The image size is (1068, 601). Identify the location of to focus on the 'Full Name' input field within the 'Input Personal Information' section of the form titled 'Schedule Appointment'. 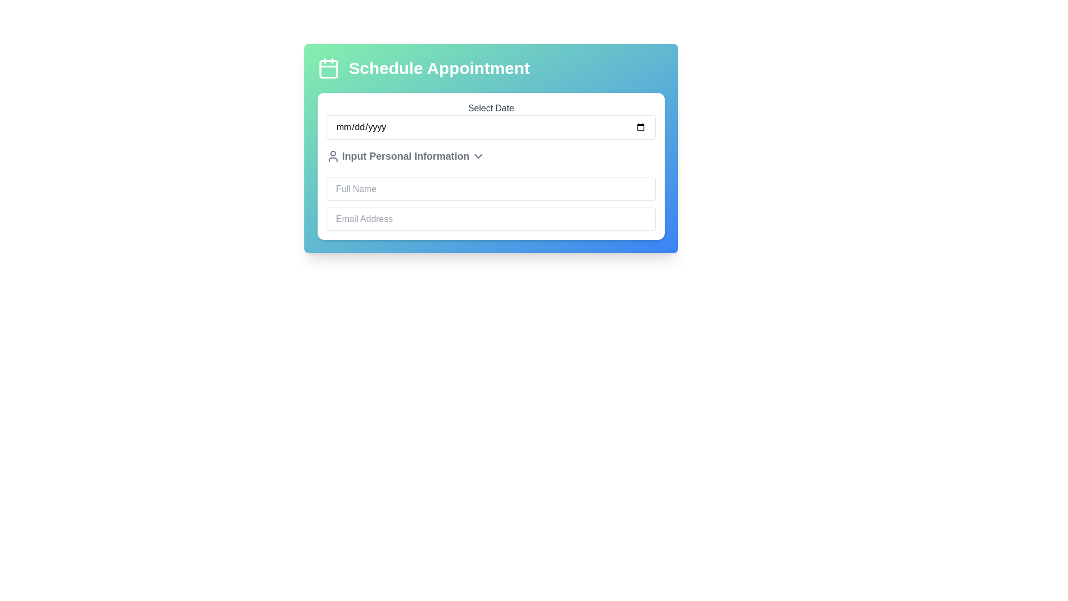
(491, 204).